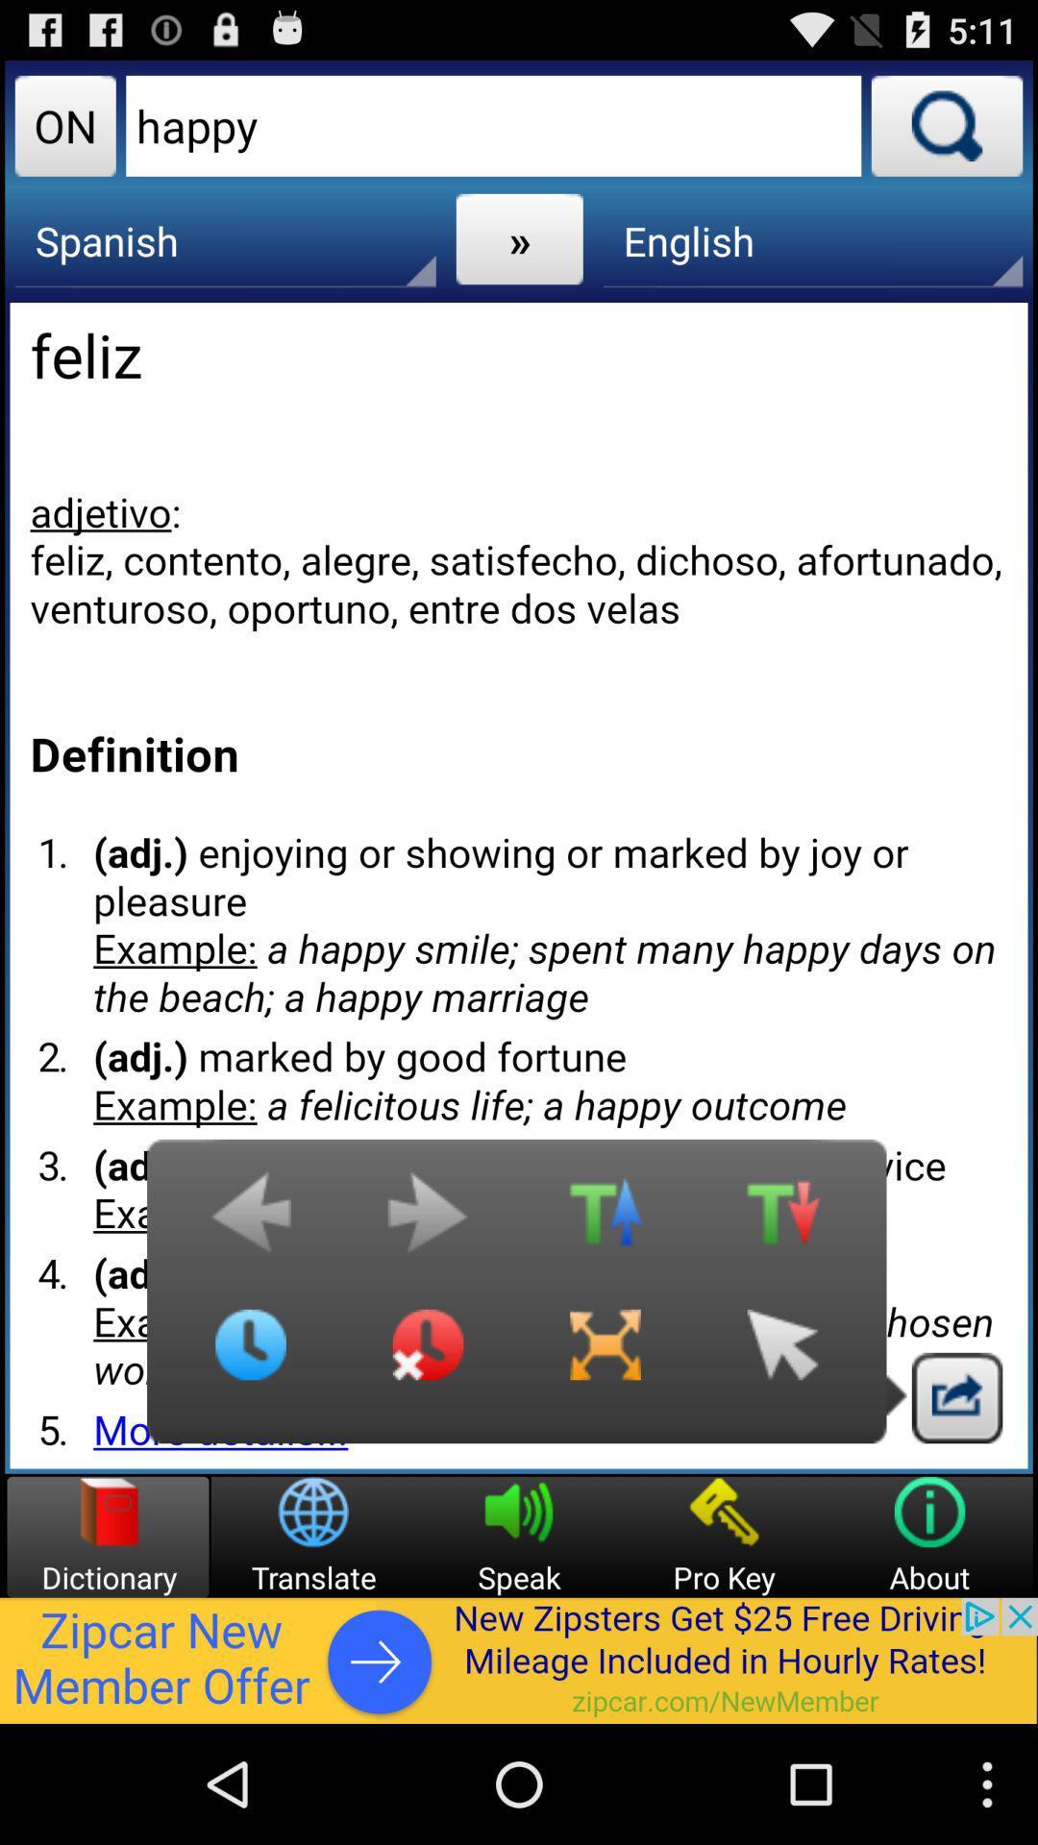 This screenshot has height=1845, width=1038. Describe the element at coordinates (427, 1221) in the screenshot. I see `next word choice` at that location.